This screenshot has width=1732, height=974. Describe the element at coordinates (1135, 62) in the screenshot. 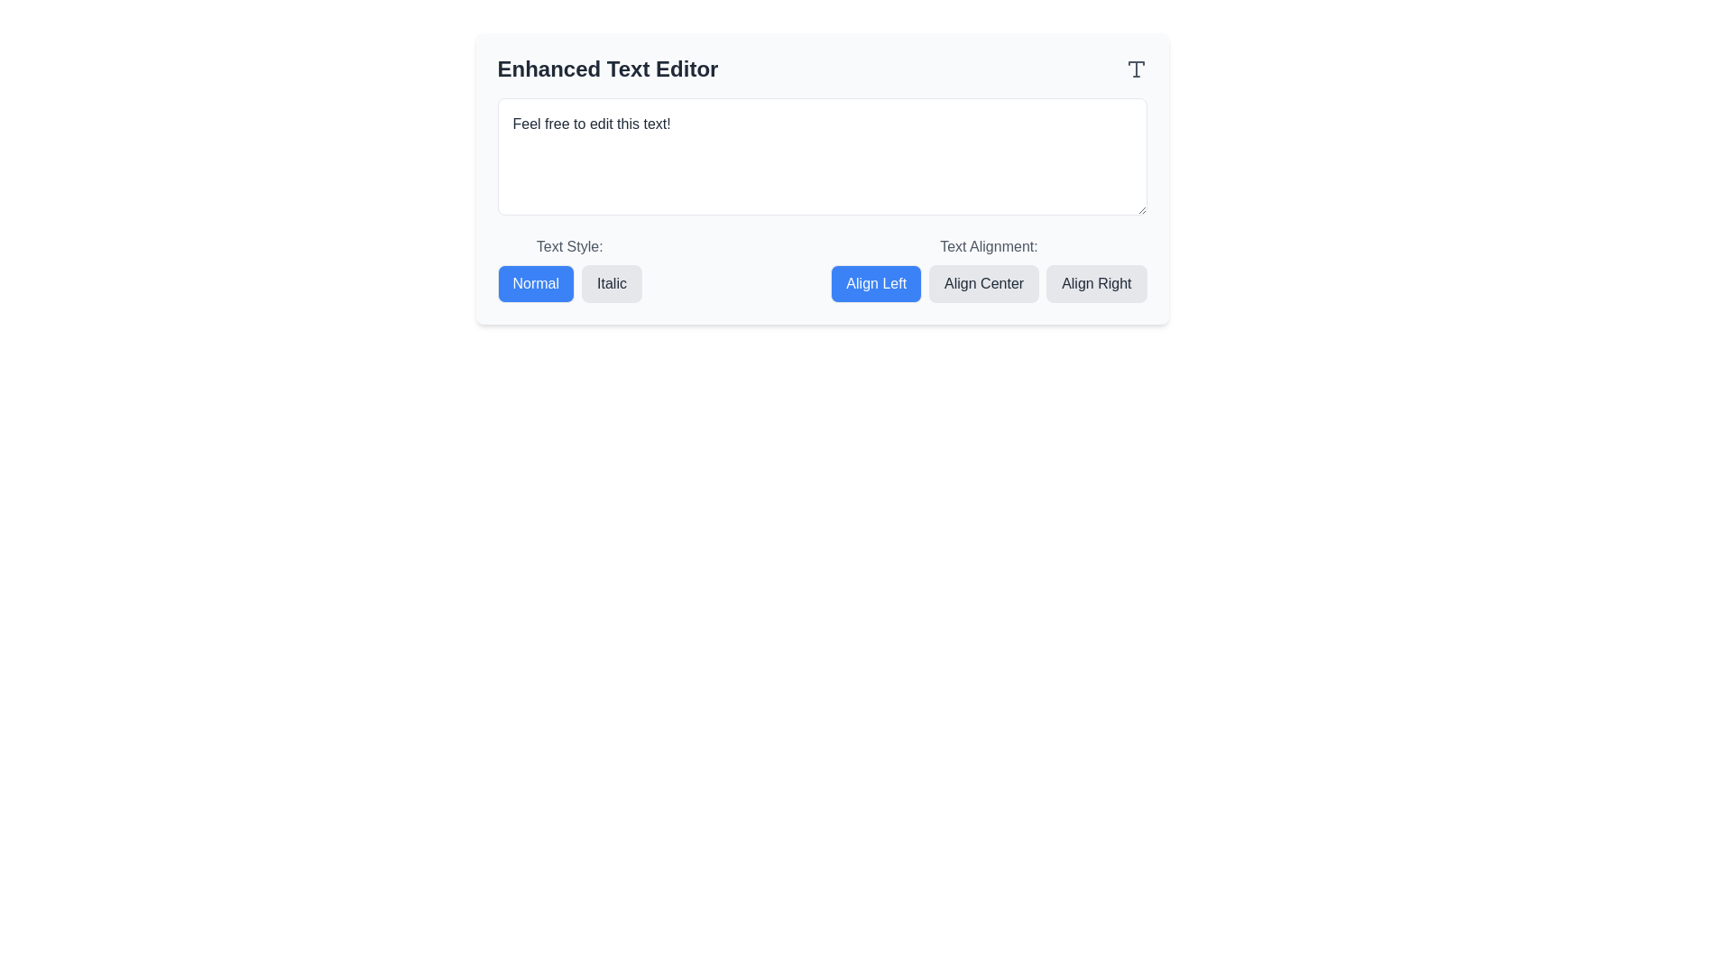

I see `topmost component of the SVG icon located at the top-right corner of the main interface section for design adjustments` at that location.